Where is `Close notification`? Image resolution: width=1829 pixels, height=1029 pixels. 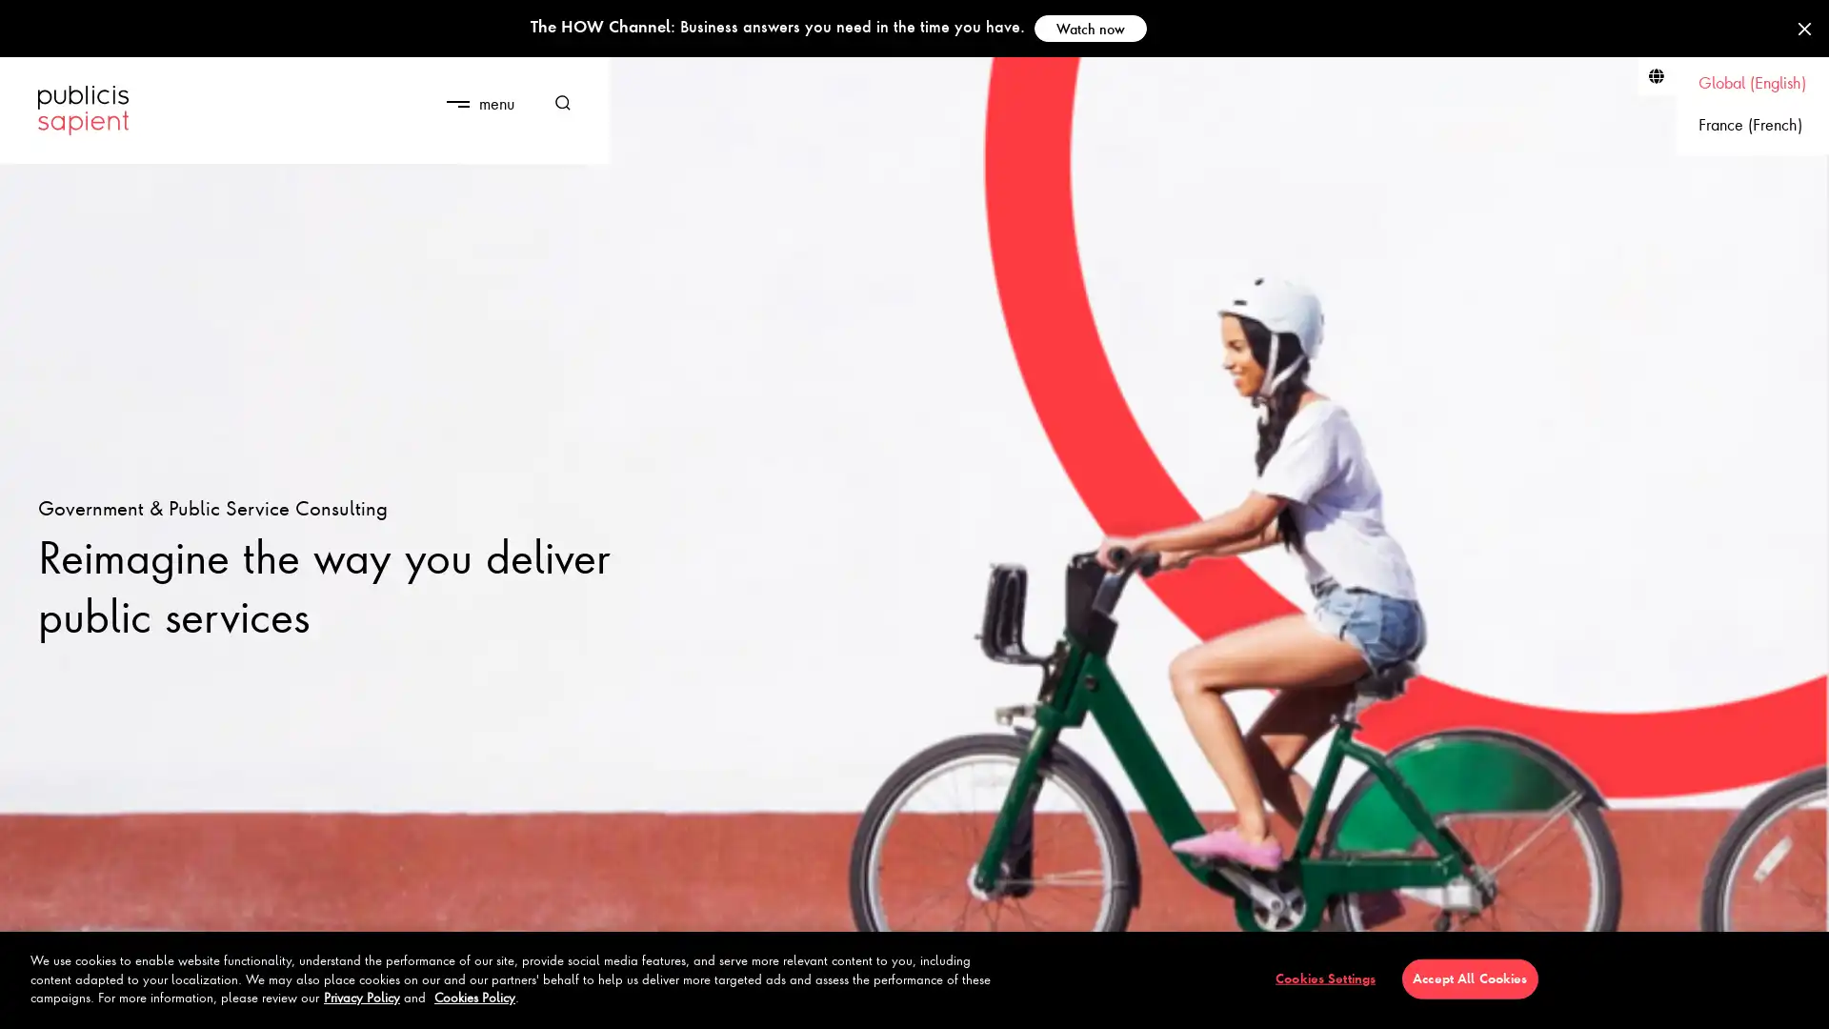 Close notification is located at coordinates (1803, 29).